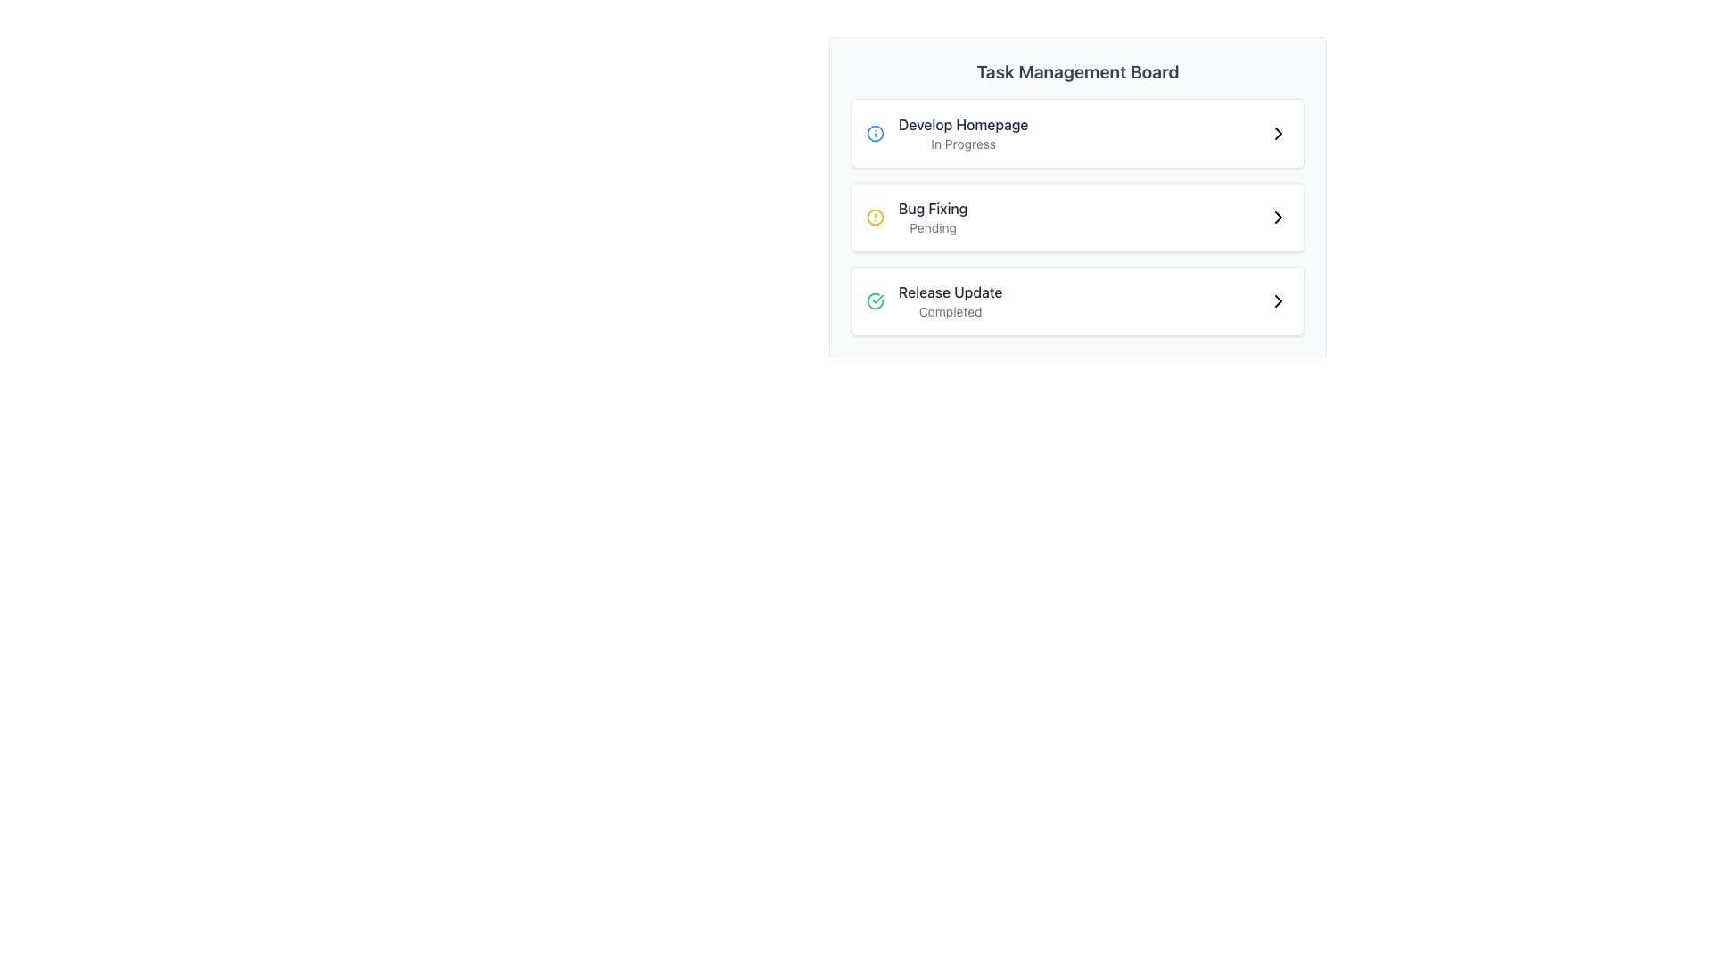 The width and height of the screenshot is (1712, 963). I want to click on the non-interactive text label indicating the status of the 'Release Update' task, located in the bottom-right task card of the task board layout, so click(950, 311).